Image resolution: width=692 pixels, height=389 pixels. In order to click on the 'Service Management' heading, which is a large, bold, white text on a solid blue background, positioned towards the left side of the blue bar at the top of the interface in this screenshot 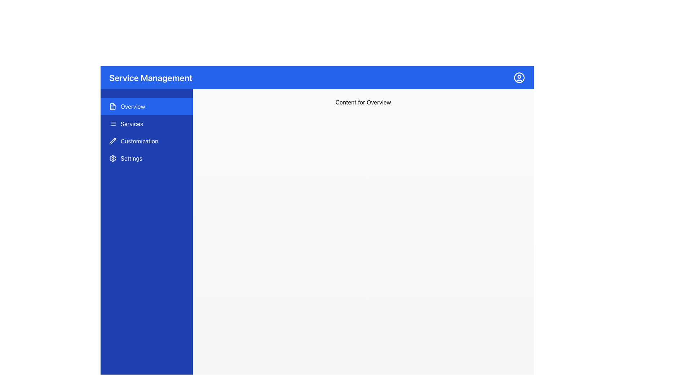, I will do `click(150, 78)`.